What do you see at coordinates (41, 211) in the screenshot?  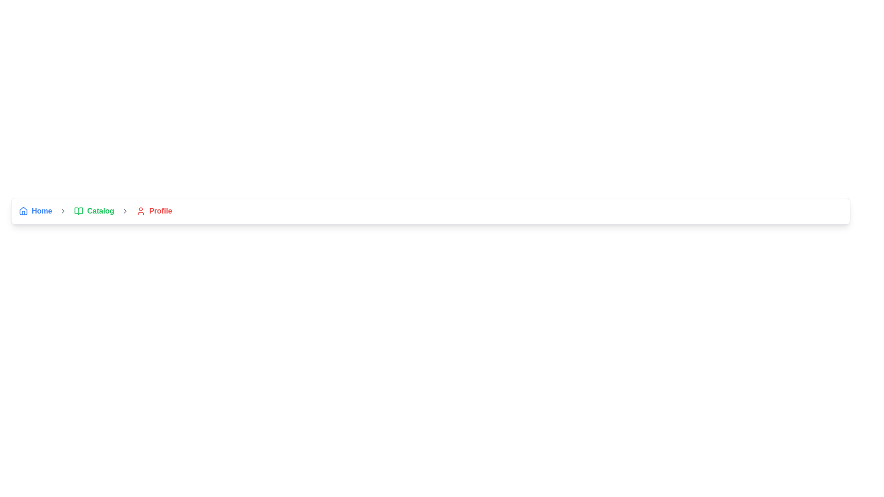 I see `the 'Home' clickable link immediately to the right of the blue house icon in the breadcrumb navigation to change its color` at bounding box center [41, 211].